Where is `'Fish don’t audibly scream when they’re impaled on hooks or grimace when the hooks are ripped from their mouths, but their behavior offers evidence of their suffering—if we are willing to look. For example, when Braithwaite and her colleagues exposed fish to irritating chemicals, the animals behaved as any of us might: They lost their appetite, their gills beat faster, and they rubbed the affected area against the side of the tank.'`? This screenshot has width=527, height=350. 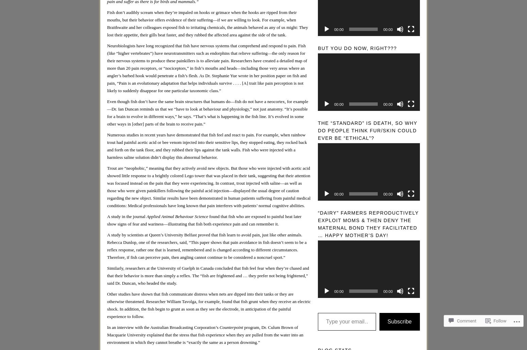 'Fish don’t audibly scream when they’re impaled on hooks or grimace when the hooks are ripped from their mouths, but their behavior offers evidence of their suffering—if we are willing to look. For example, when Braithwaite and her colleagues exposed fish to irritating chemicals, the animals behaved as any of us might: They lost their appetite, their gills beat faster, and they rubbed the affected area against the side of the tank.' is located at coordinates (207, 23).